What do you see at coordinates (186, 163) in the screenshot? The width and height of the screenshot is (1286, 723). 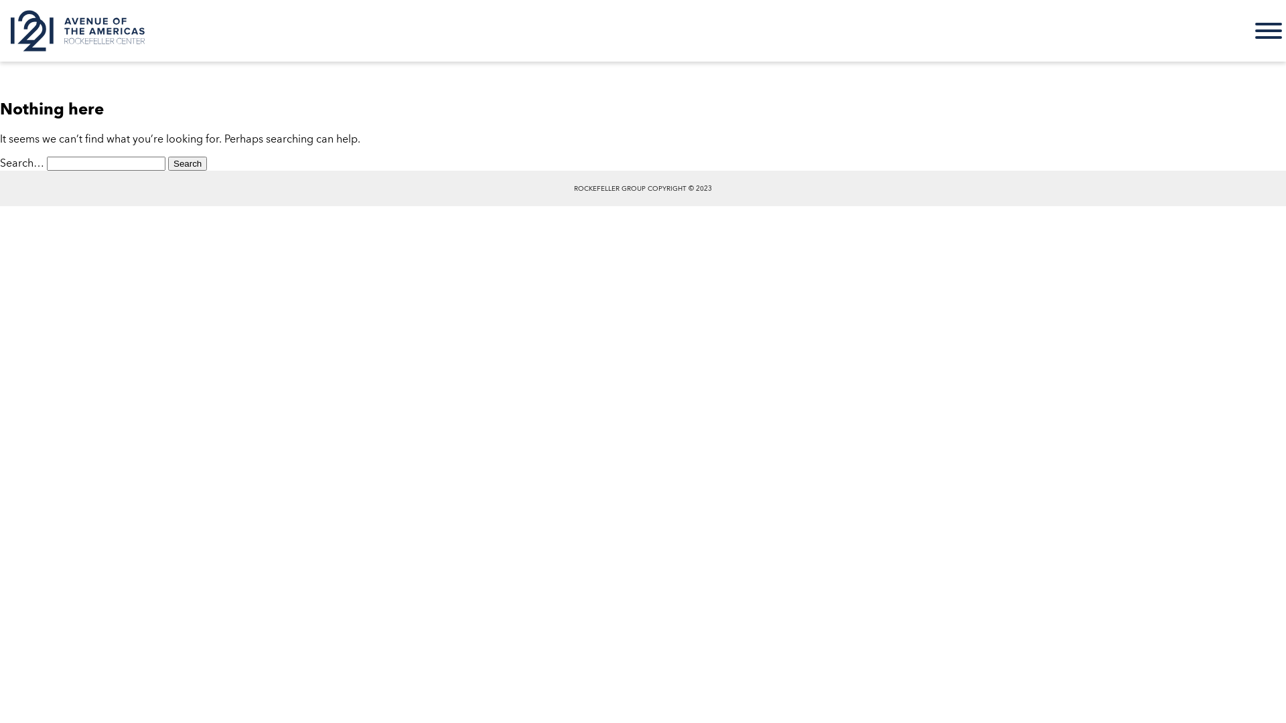 I see `'Search'` at bounding box center [186, 163].